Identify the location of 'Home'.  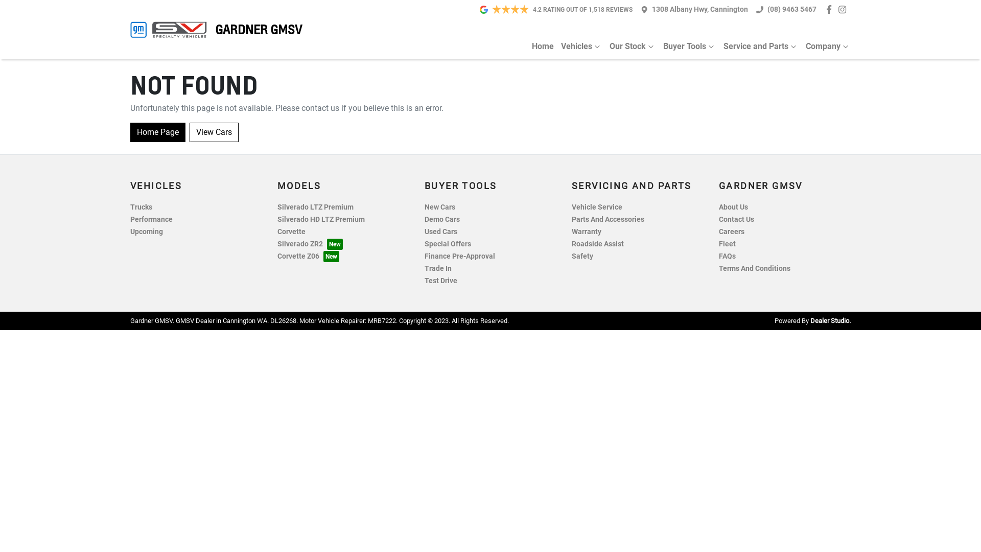
(542, 47).